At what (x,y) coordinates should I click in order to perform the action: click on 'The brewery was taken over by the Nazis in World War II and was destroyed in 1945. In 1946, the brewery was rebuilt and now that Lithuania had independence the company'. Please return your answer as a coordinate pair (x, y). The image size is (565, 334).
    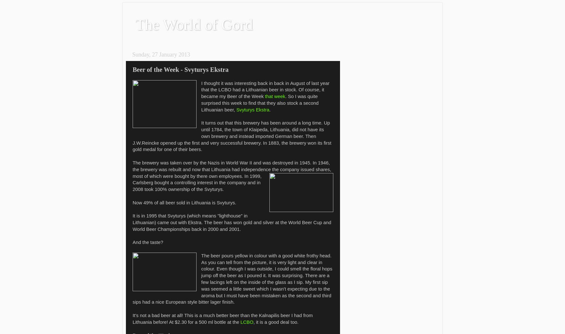
    Looking at the image, I should click on (231, 166).